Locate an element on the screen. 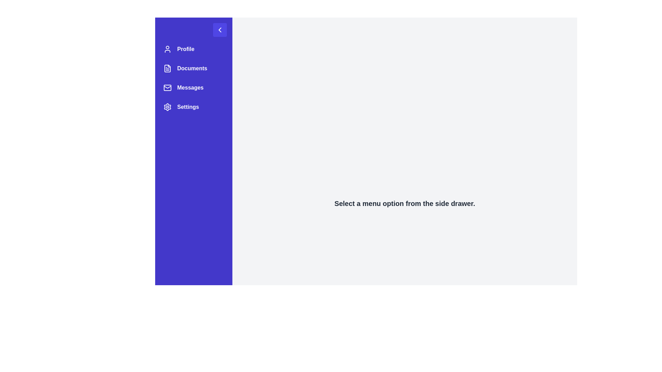 Image resolution: width=662 pixels, height=372 pixels. the square button with a purple background and a white leftward pointing arrow icon at the top-right corner of the vertical navigation bar is located at coordinates (220, 30).